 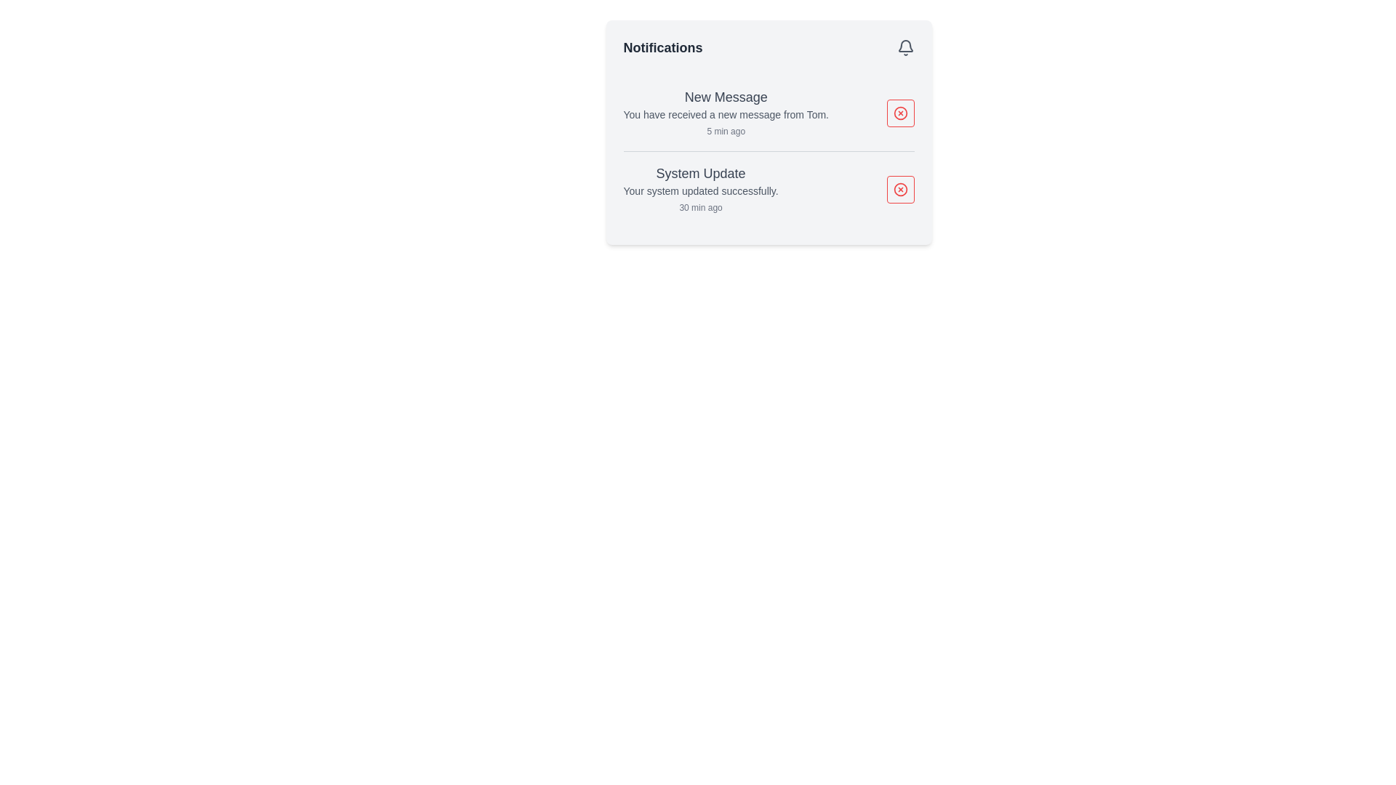 I want to click on the notification icon located at the top-right corner of the notification window, which indicates updates or alerts, so click(x=904, y=45).